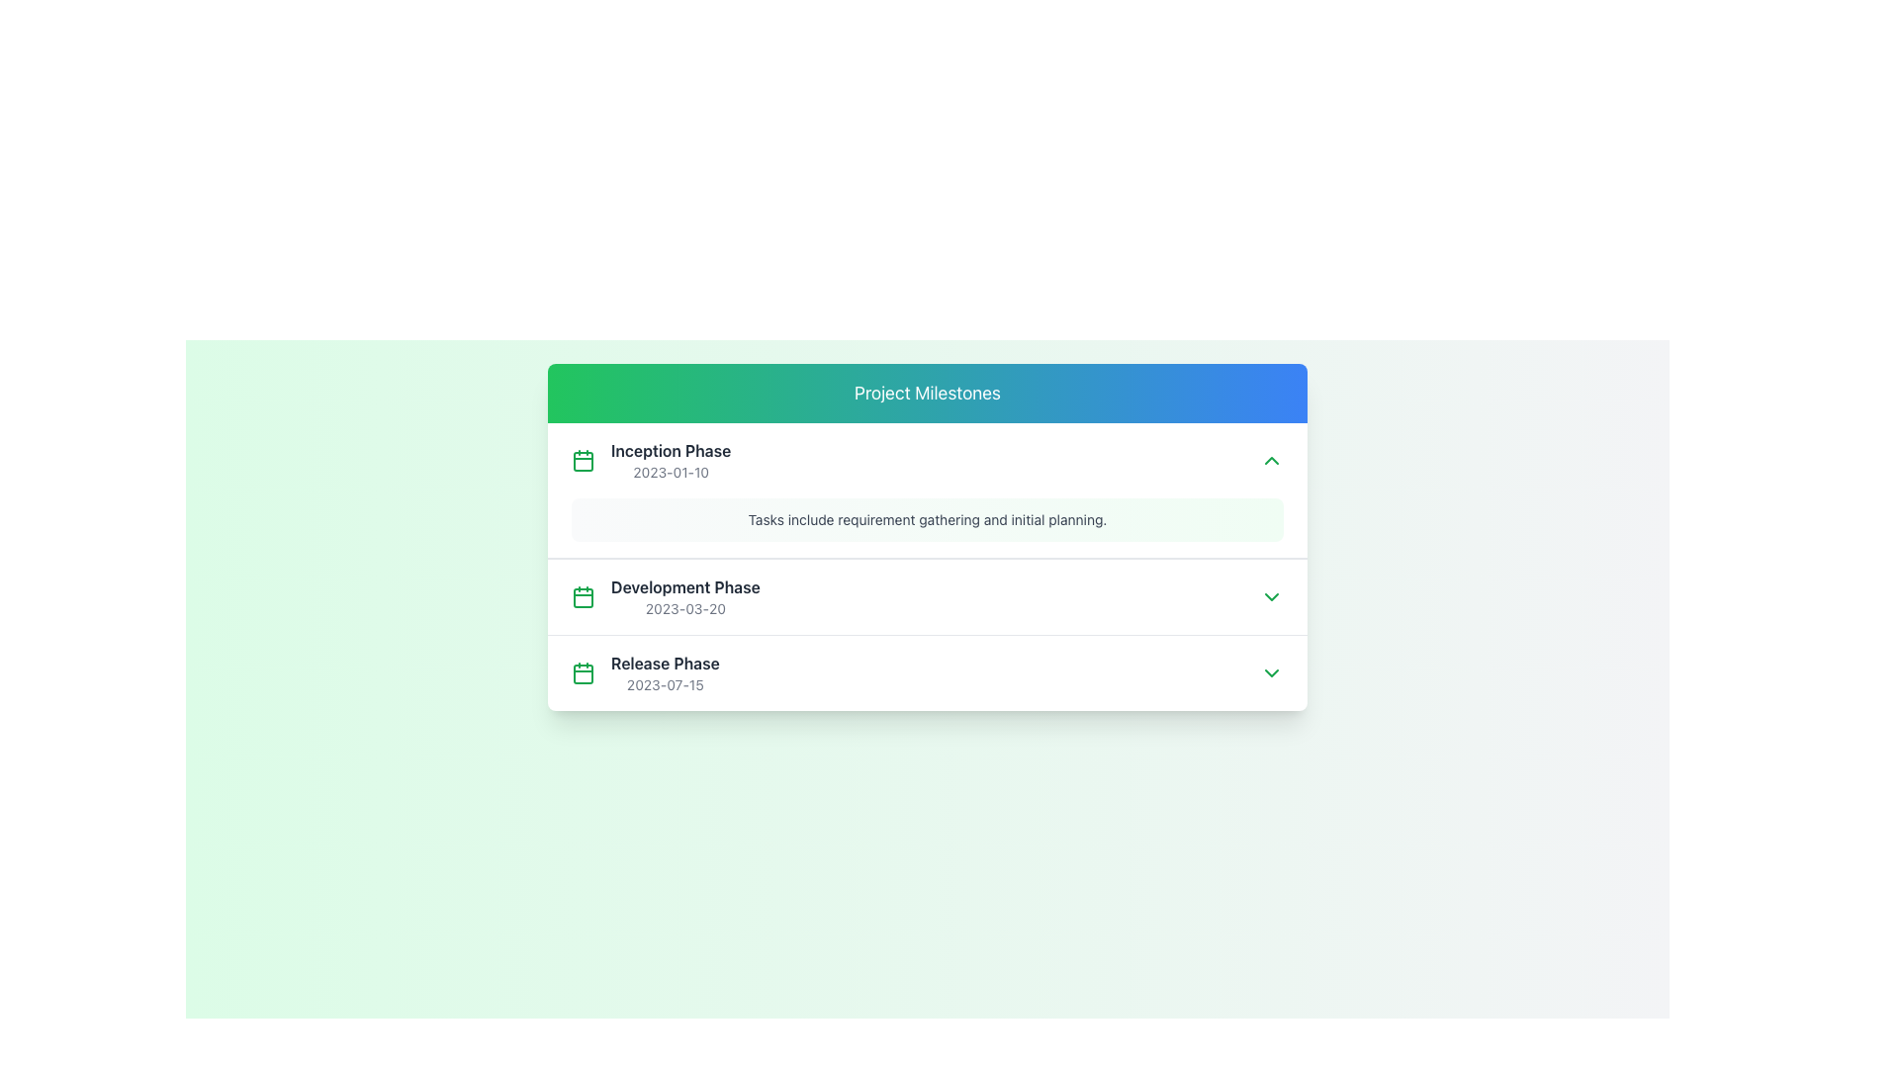 The image size is (1899, 1068). What do you see at coordinates (583, 597) in the screenshot?
I see `the inner cell area of the calendar icon, which is the third subcomponent with a green border, located to the left of the 'Inception Phase' milestone label` at bounding box center [583, 597].